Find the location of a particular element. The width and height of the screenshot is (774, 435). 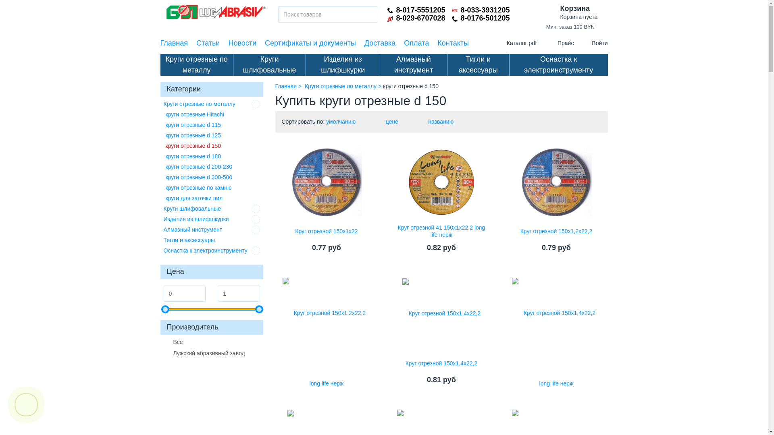

'8-0176-501205' is located at coordinates (484, 18).